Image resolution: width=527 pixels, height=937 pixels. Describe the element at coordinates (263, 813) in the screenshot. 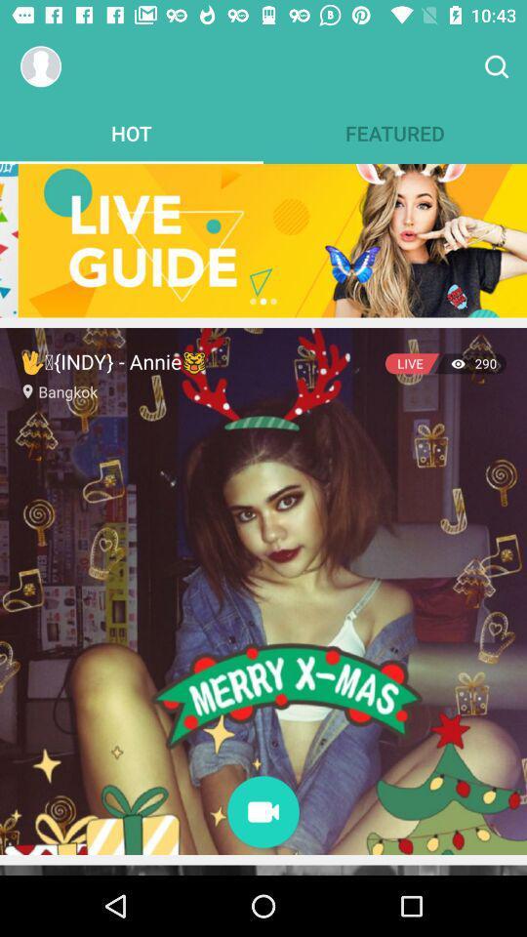

I see `use camera` at that location.